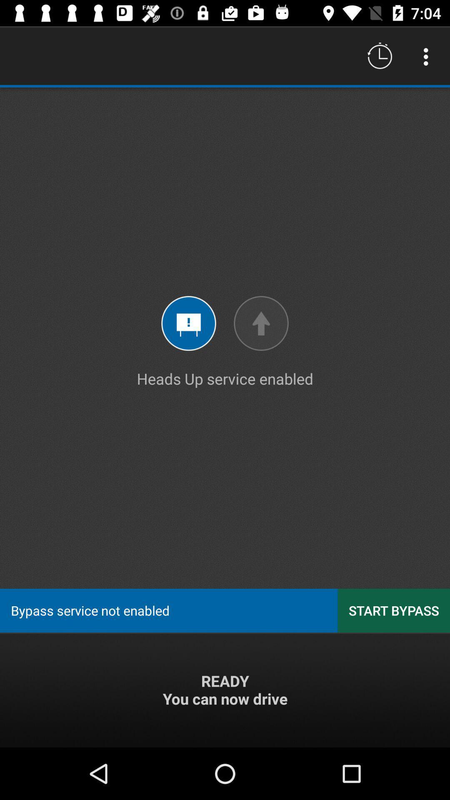  I want to click on the item above the ready you can item, so click(394, 610).